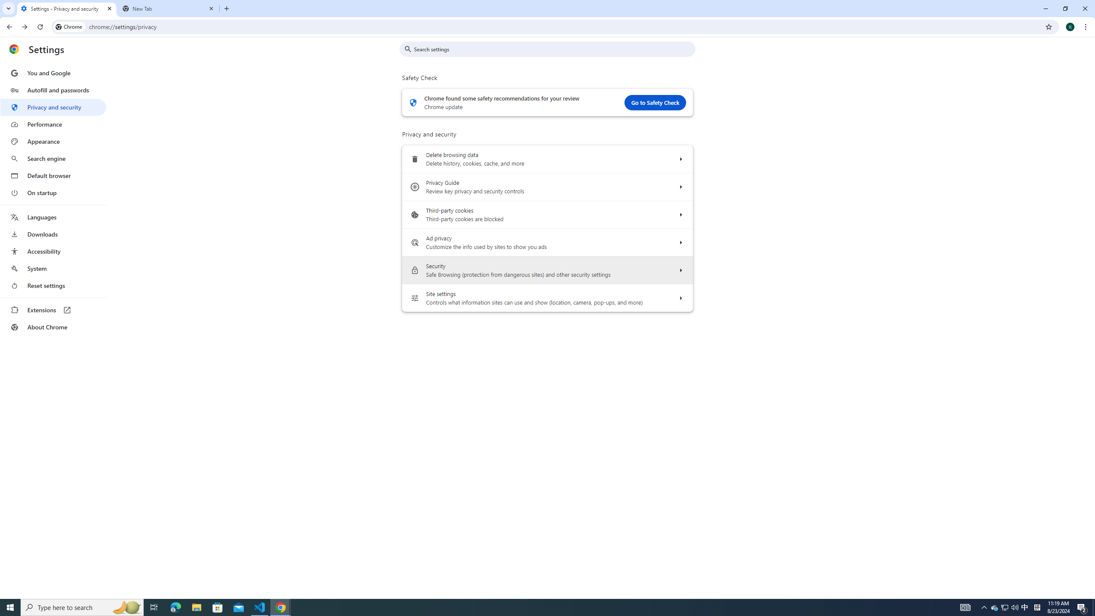 The height and width of the screenshot is (616, 1095). What do you see at coordinates (53, 175) in the screenshot?
I see `'Default browser'` at bounding box center [53, 175].